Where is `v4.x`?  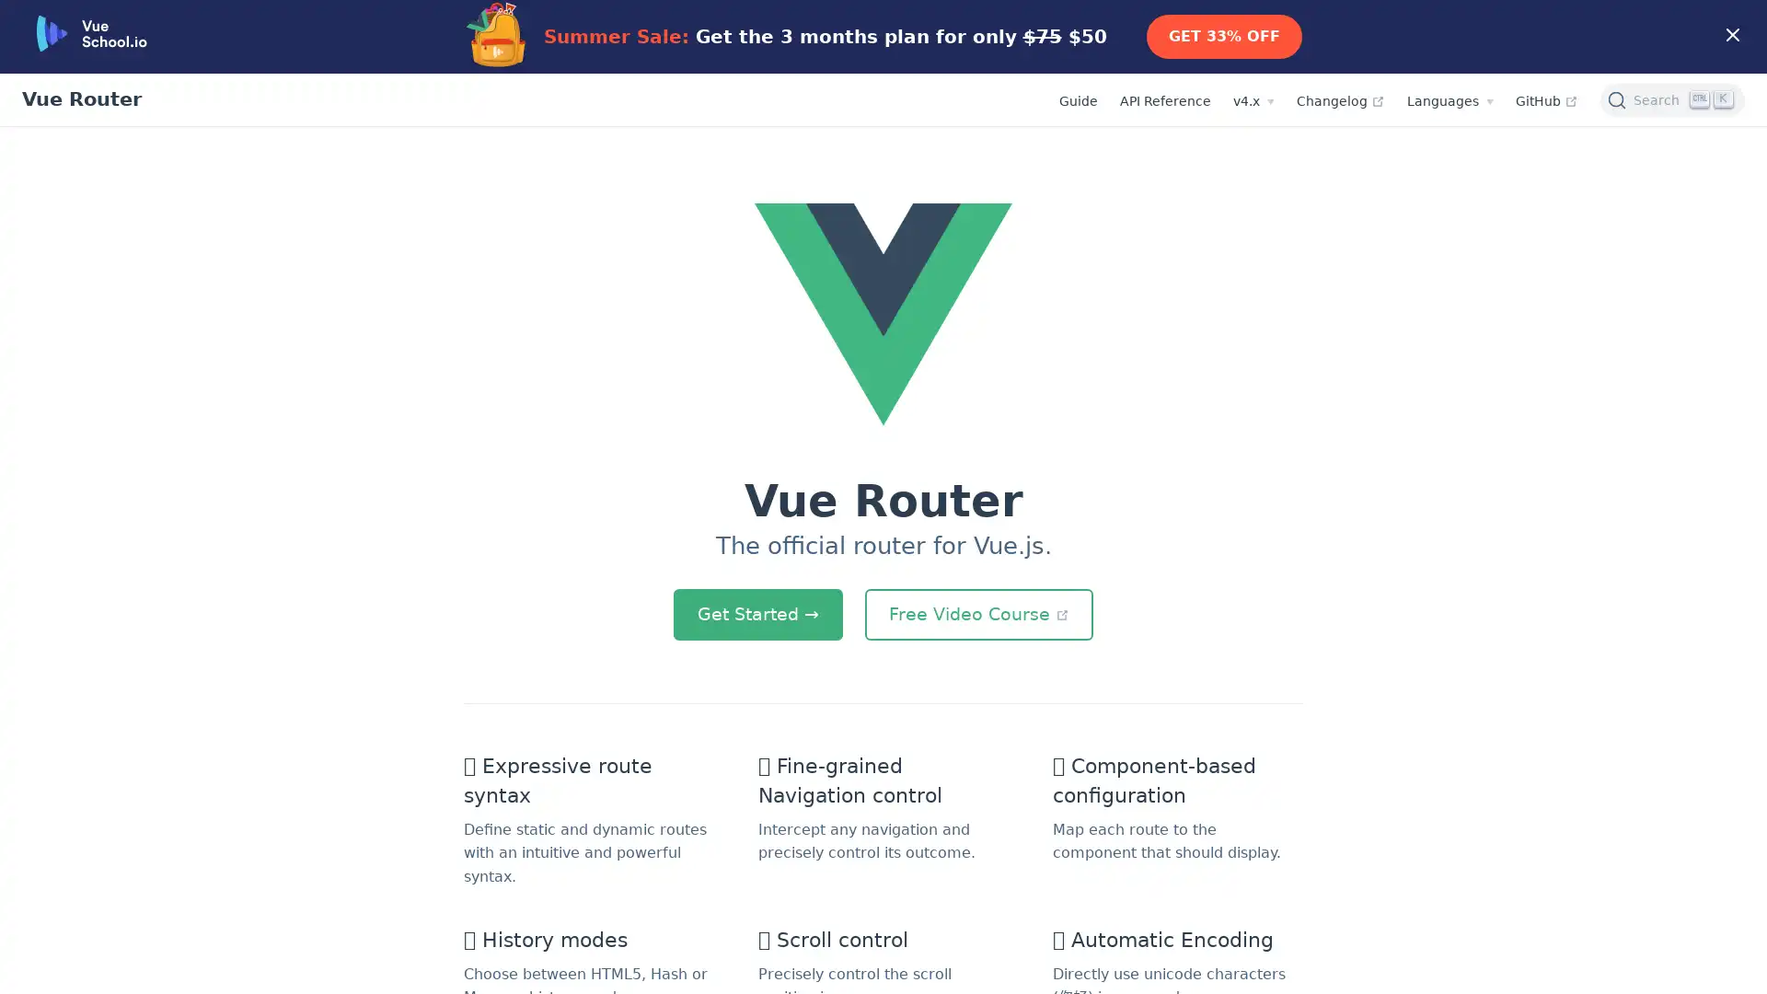 v4.x is located at coordinates (1253, 102).